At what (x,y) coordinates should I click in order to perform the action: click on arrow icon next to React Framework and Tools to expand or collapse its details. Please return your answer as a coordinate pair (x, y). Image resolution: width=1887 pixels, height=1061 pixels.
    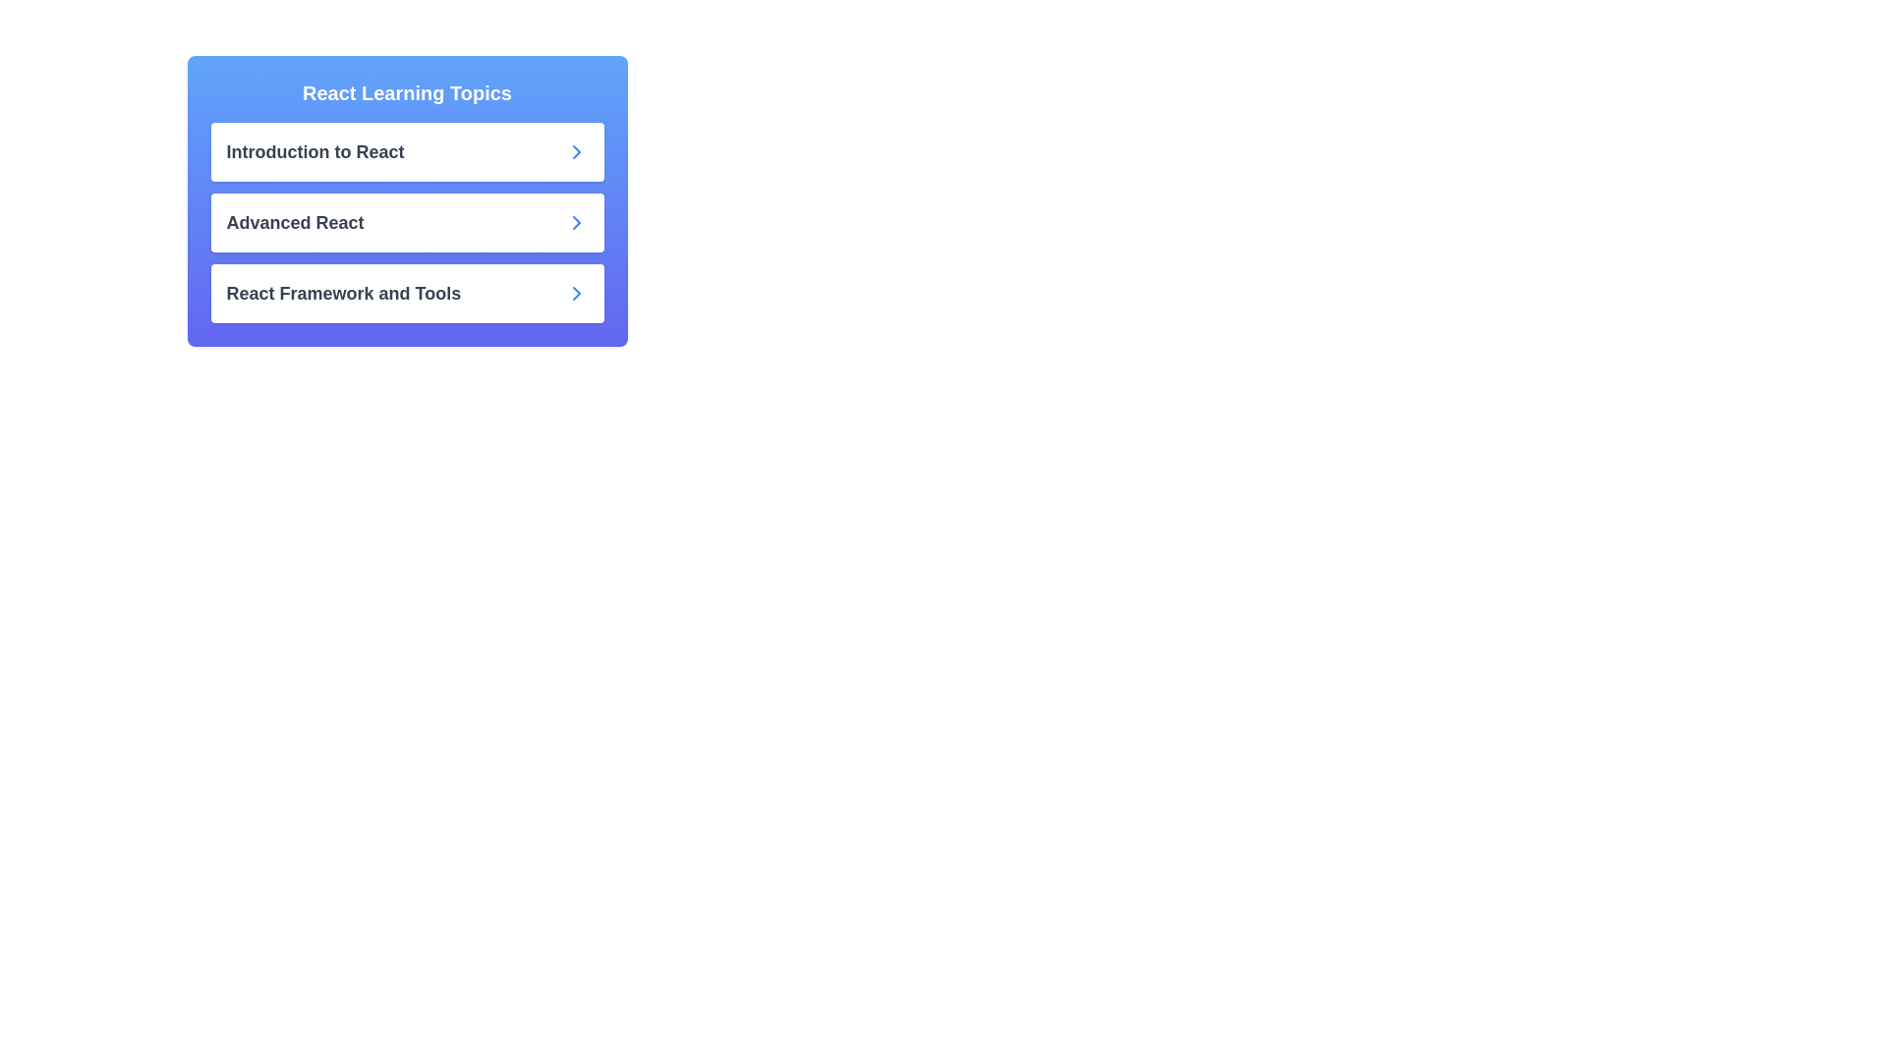
    Looking at the image, I should click on (575, 294).